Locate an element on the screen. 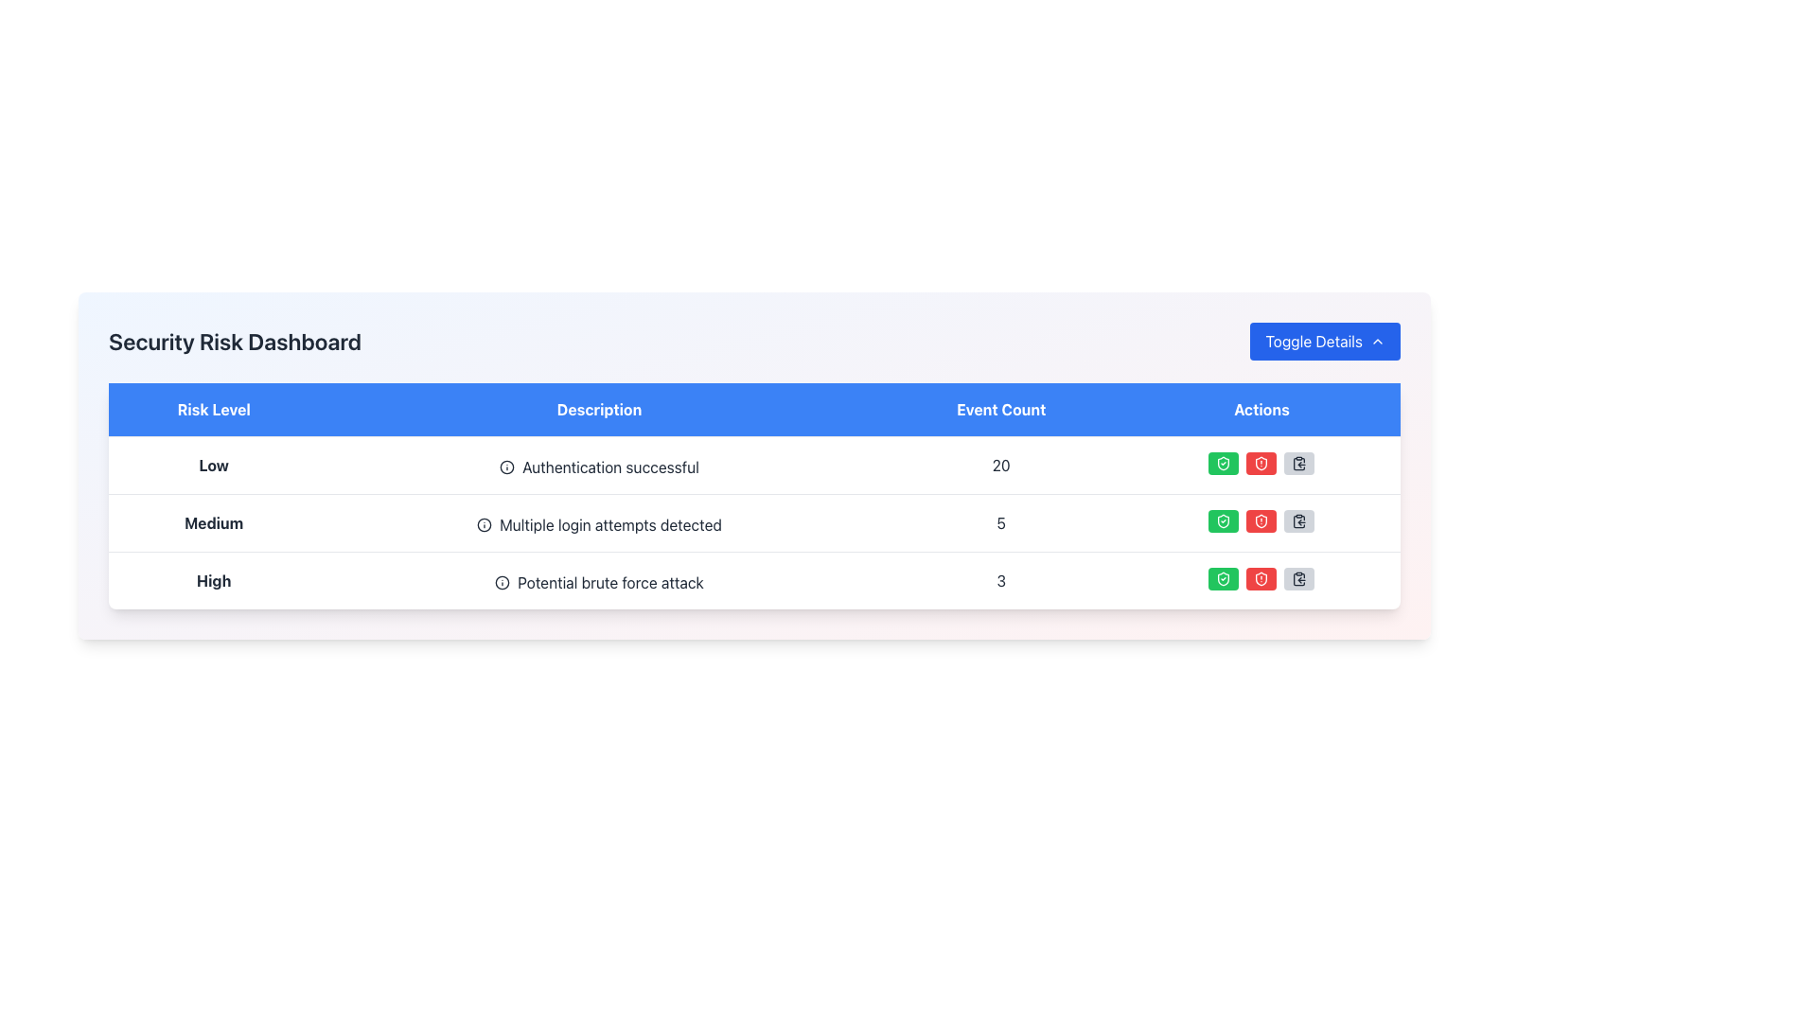 The image size is (1817, 1022). the text label displaying 'Event Count' which is the third column header in the table, positioned between 'Description' and 'Actions' is located at coordinates (1000, 409).